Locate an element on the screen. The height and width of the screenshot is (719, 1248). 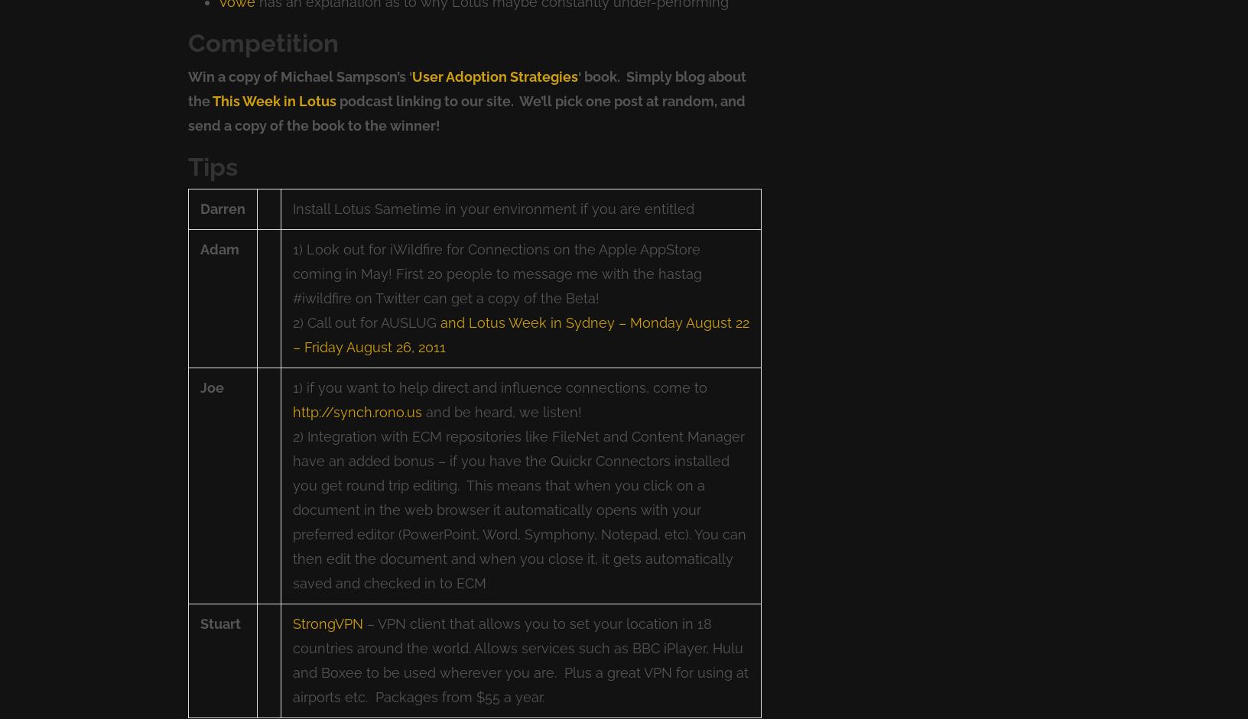
'Install Lotus Sametime in your environment if you are entitled' is located at coordinates (492, 209).